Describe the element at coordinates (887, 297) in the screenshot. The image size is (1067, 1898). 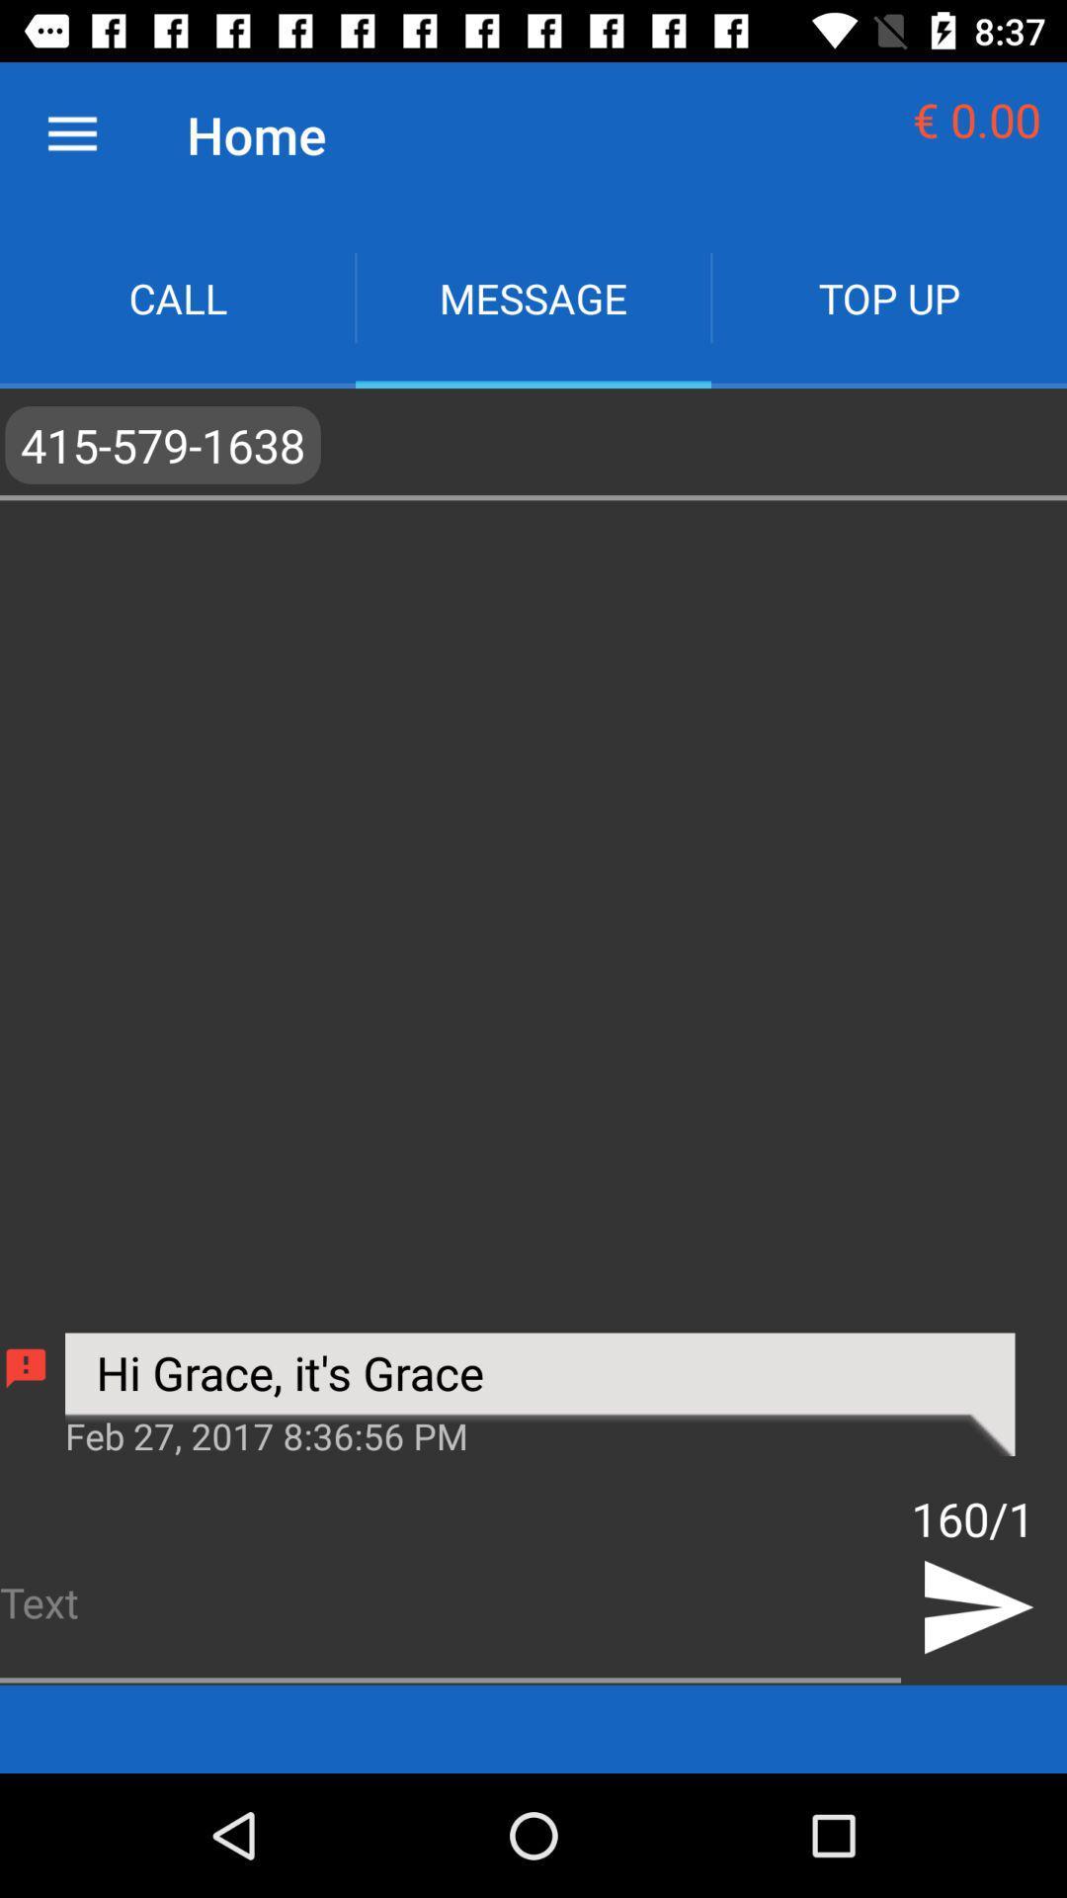
I see `item above ,415-579-1638,  icon` at that location.